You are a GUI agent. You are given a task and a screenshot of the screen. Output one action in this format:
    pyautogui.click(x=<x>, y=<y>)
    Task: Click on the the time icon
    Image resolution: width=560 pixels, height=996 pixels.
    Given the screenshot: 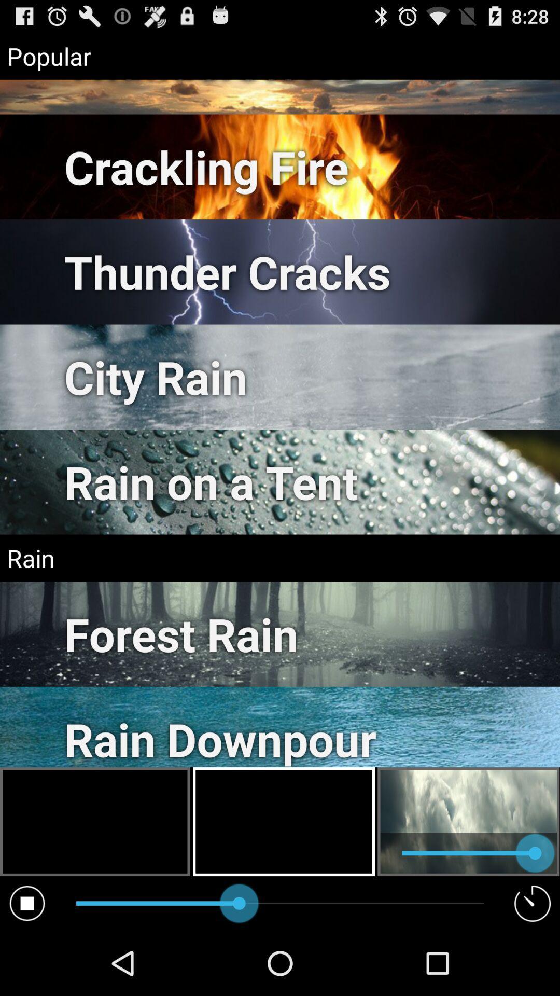 What is the action you would take?
    pyautogui.click(x=533, y=966)
    